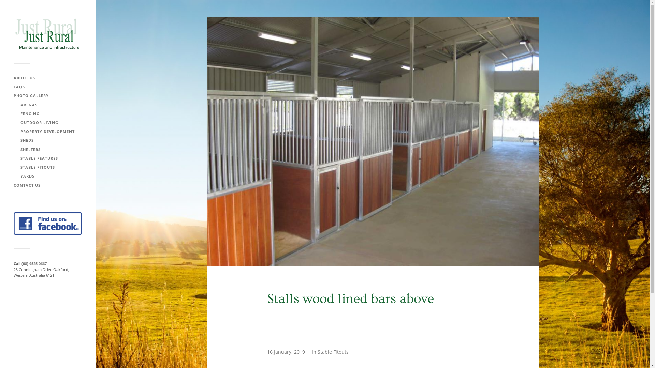 The image size is (655, 368). Describe the element at coordinates (333, 352) in the screenshot. I see `'Stable Fitouts'` at that location.